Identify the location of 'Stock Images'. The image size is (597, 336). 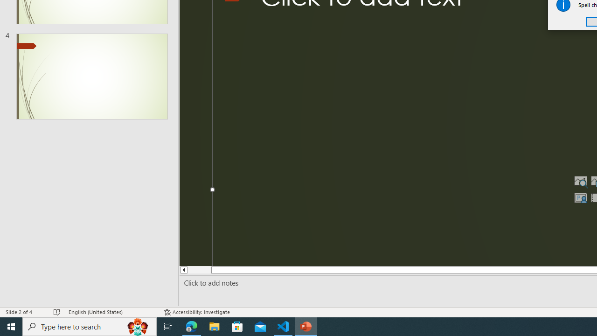
(580, 181).